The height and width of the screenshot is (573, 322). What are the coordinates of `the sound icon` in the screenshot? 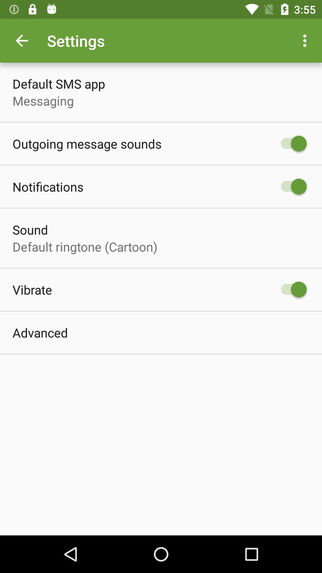 It's located at (30, 229).